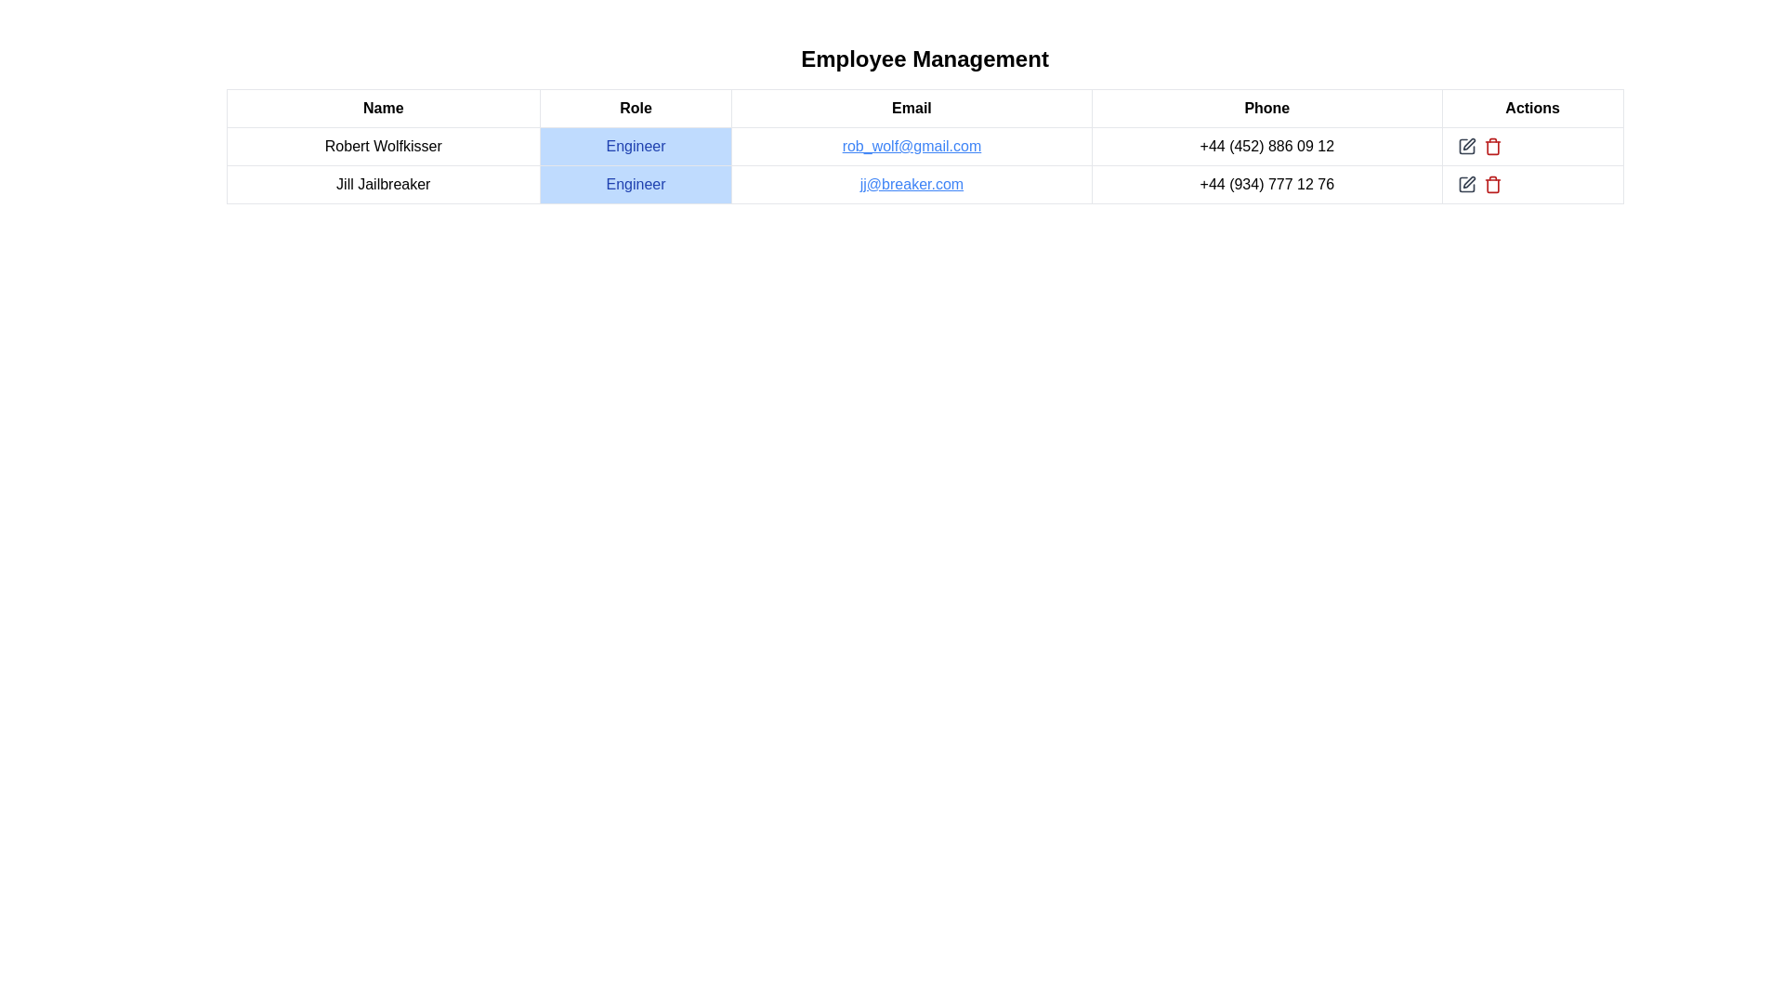  What do you see at coordinates (1492, 146) in the screenshot?
I see `the trash icon, which is the second interactive icon in the 'Actions' column of the second row of the table` at bounding box center [1492, 146].